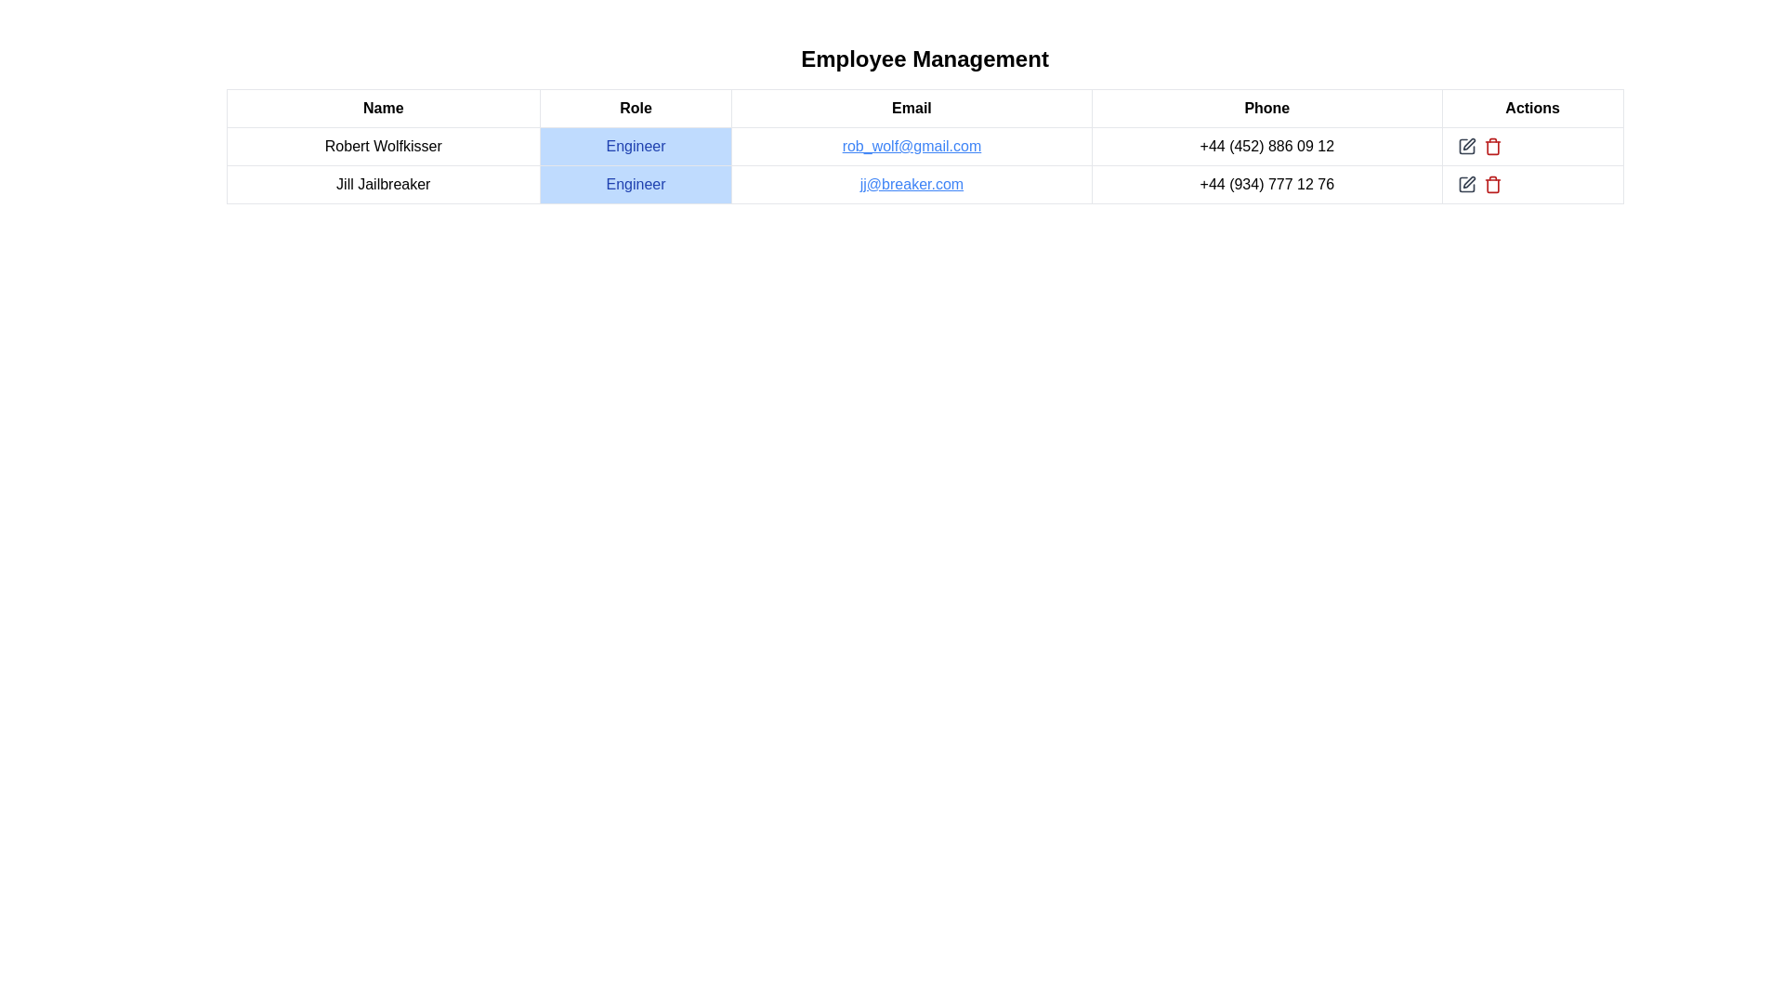  What do you see at coordinates (1492, 146) in the screenshot?
I see `the trash icon, which is the second interactive icon in the 'Actions' column of the second row of the table` at bounding box center [1492, 146].